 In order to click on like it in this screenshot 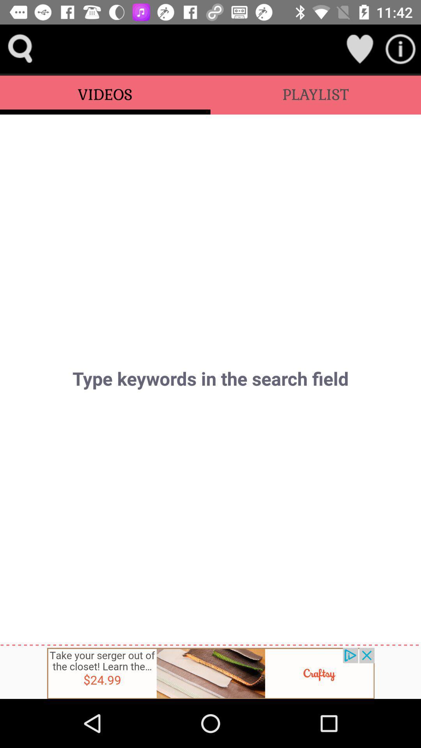, I will do `click(359, 48)`.